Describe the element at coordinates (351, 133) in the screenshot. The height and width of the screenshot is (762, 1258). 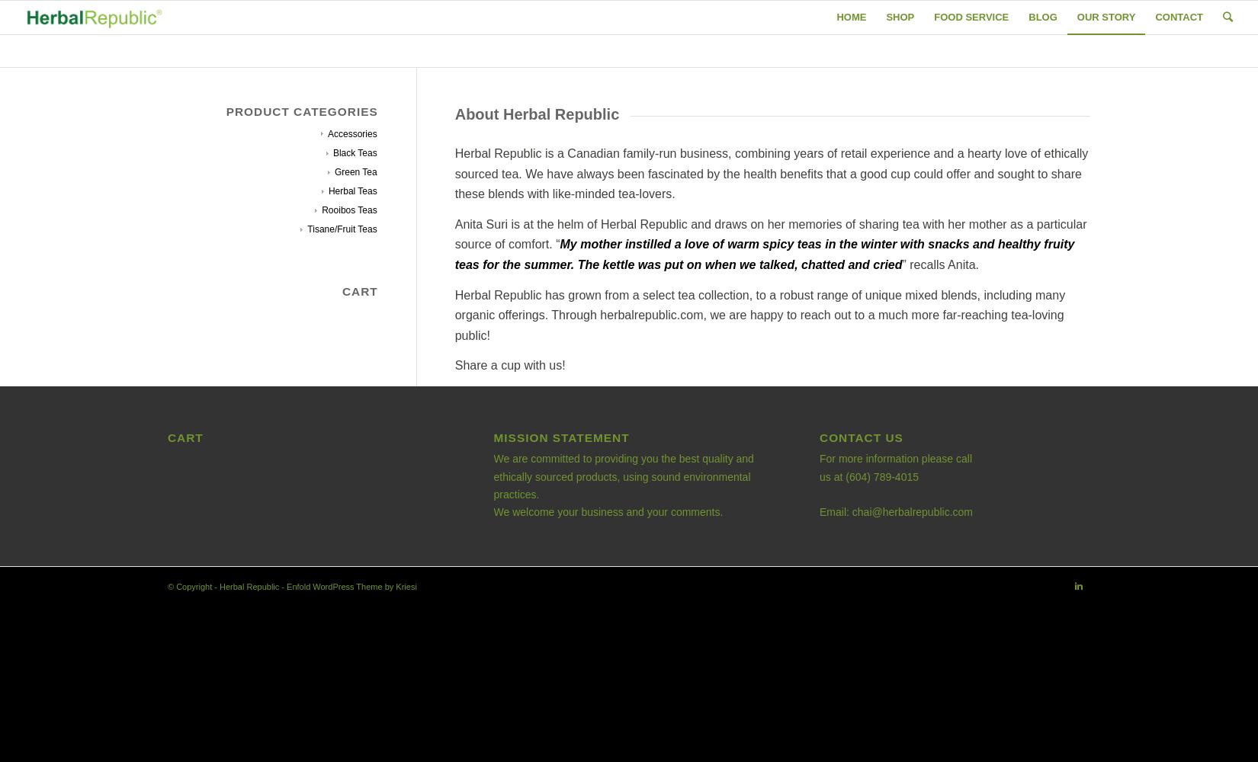
I see `'Accessories'` at that location.